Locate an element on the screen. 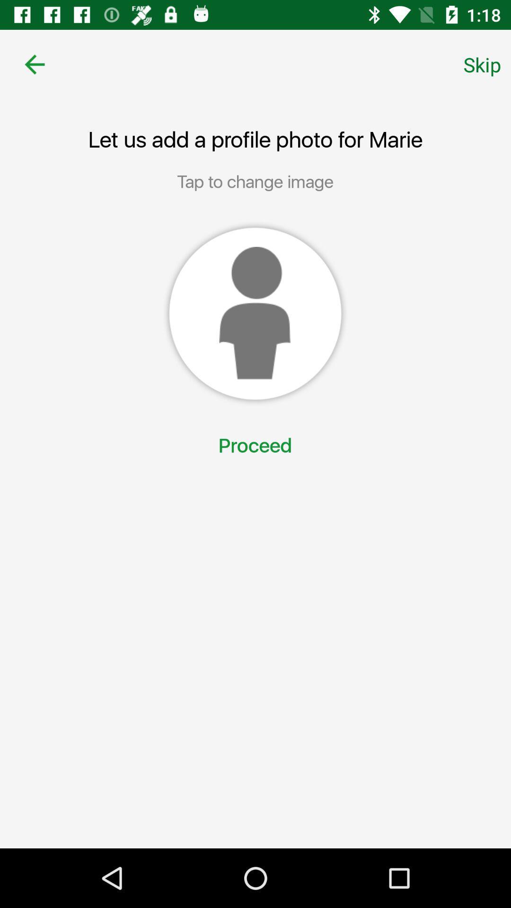  proceed item is located at coordinates (255, 446).